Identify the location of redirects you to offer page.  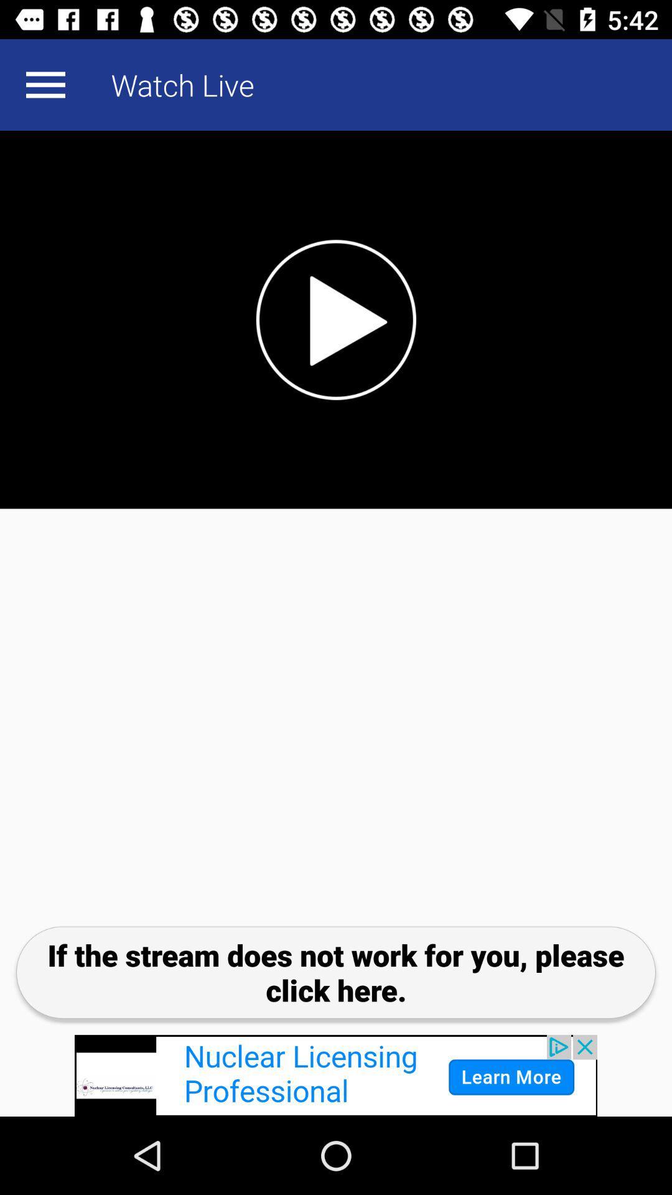
(336, 1075).